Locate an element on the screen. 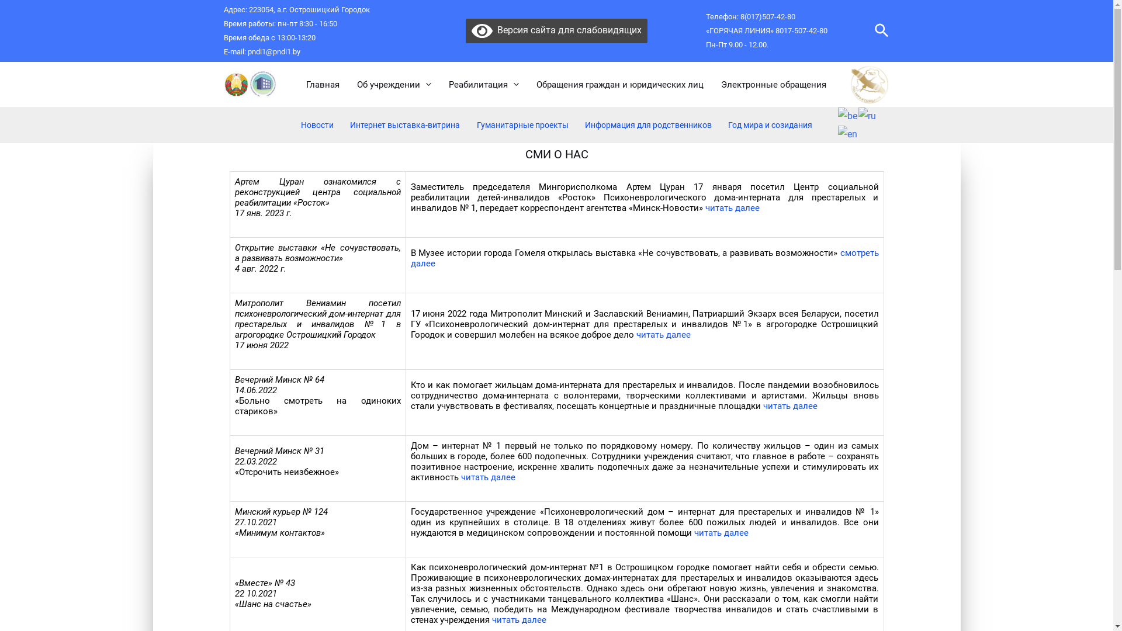 This screenshot has width=1122, height=631. 'Russian' is located at coordinates (867, 115).